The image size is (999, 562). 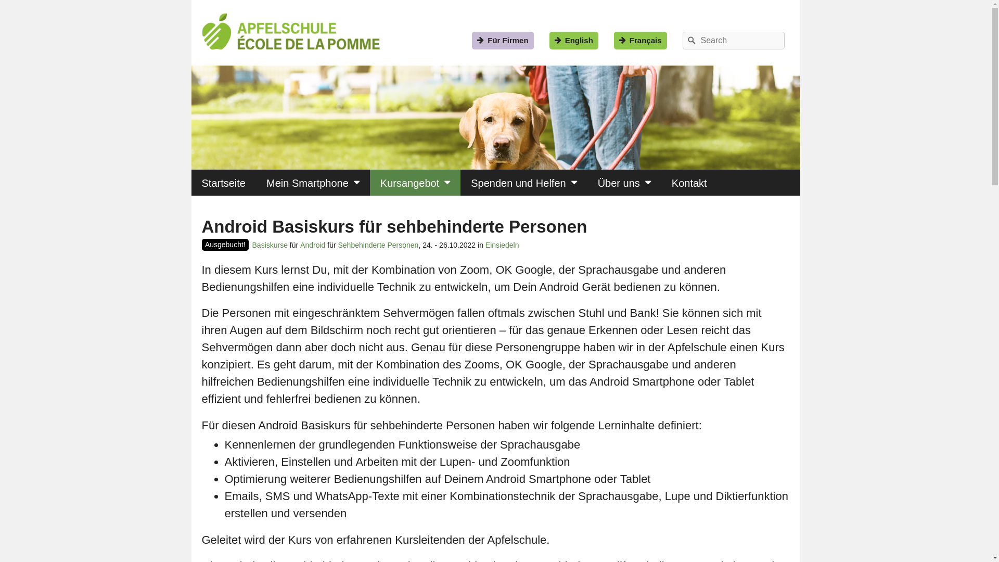 What do you see at coordinates (378, 245) in the screenshot?
I see `'Sehbehinderte Personen'` at bounding box center [378, 245].